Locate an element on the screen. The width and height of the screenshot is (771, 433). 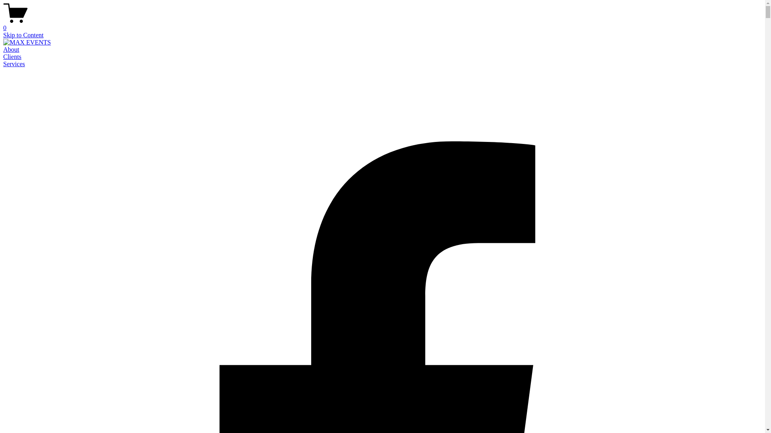
'Services' is located at coordinates (14, 63).